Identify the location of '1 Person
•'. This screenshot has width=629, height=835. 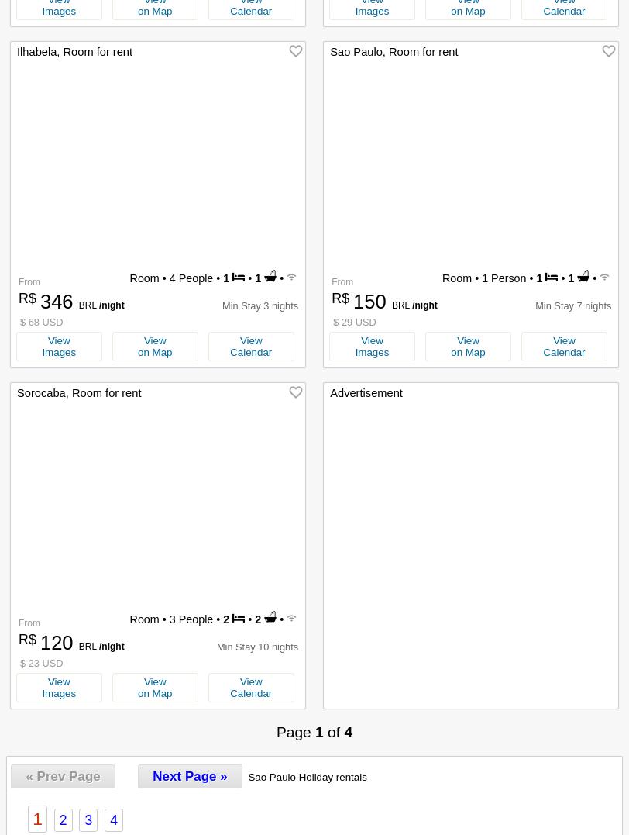
(507, 277).